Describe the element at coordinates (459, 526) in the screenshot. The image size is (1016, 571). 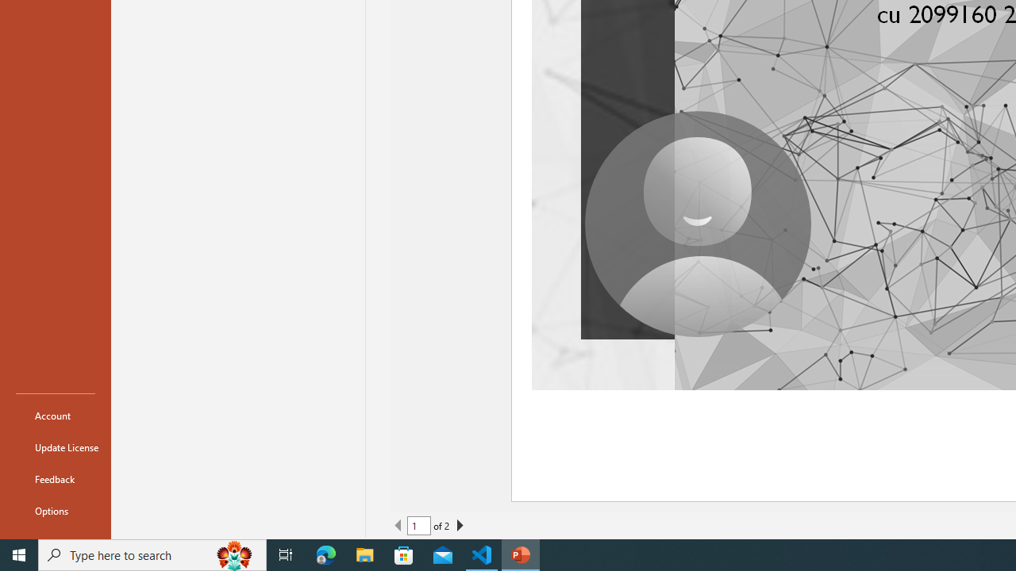
I see `'Next Page'` at that location.